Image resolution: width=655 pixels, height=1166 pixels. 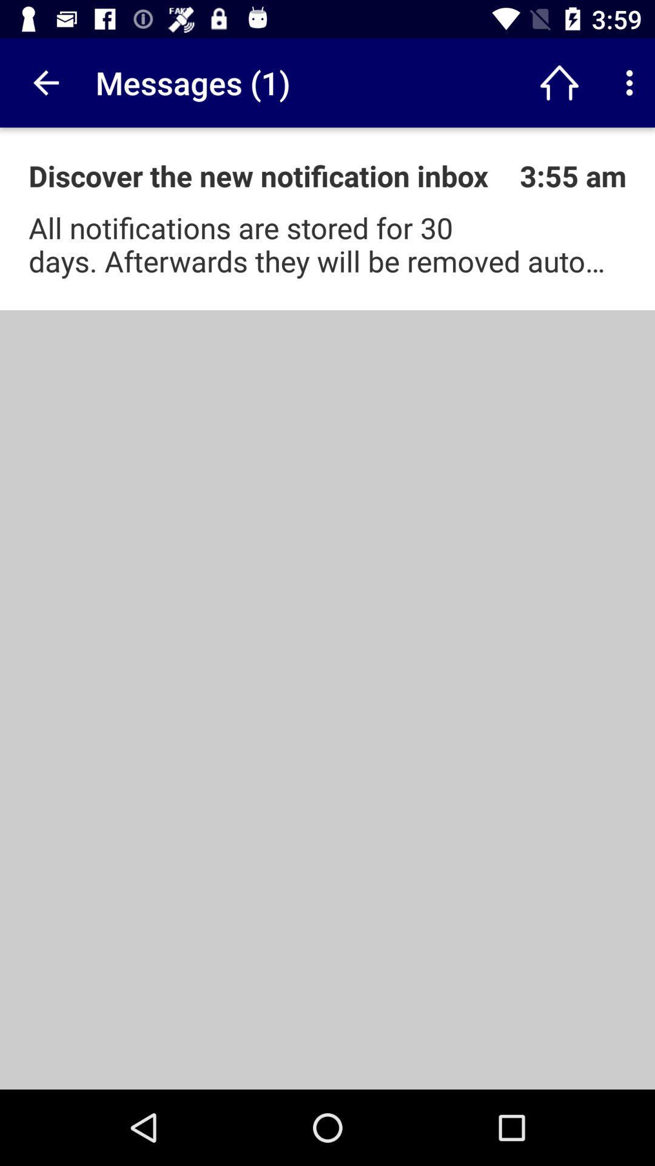 I want to click on app to the left of messages (1) app, so click(x=44, y=82).